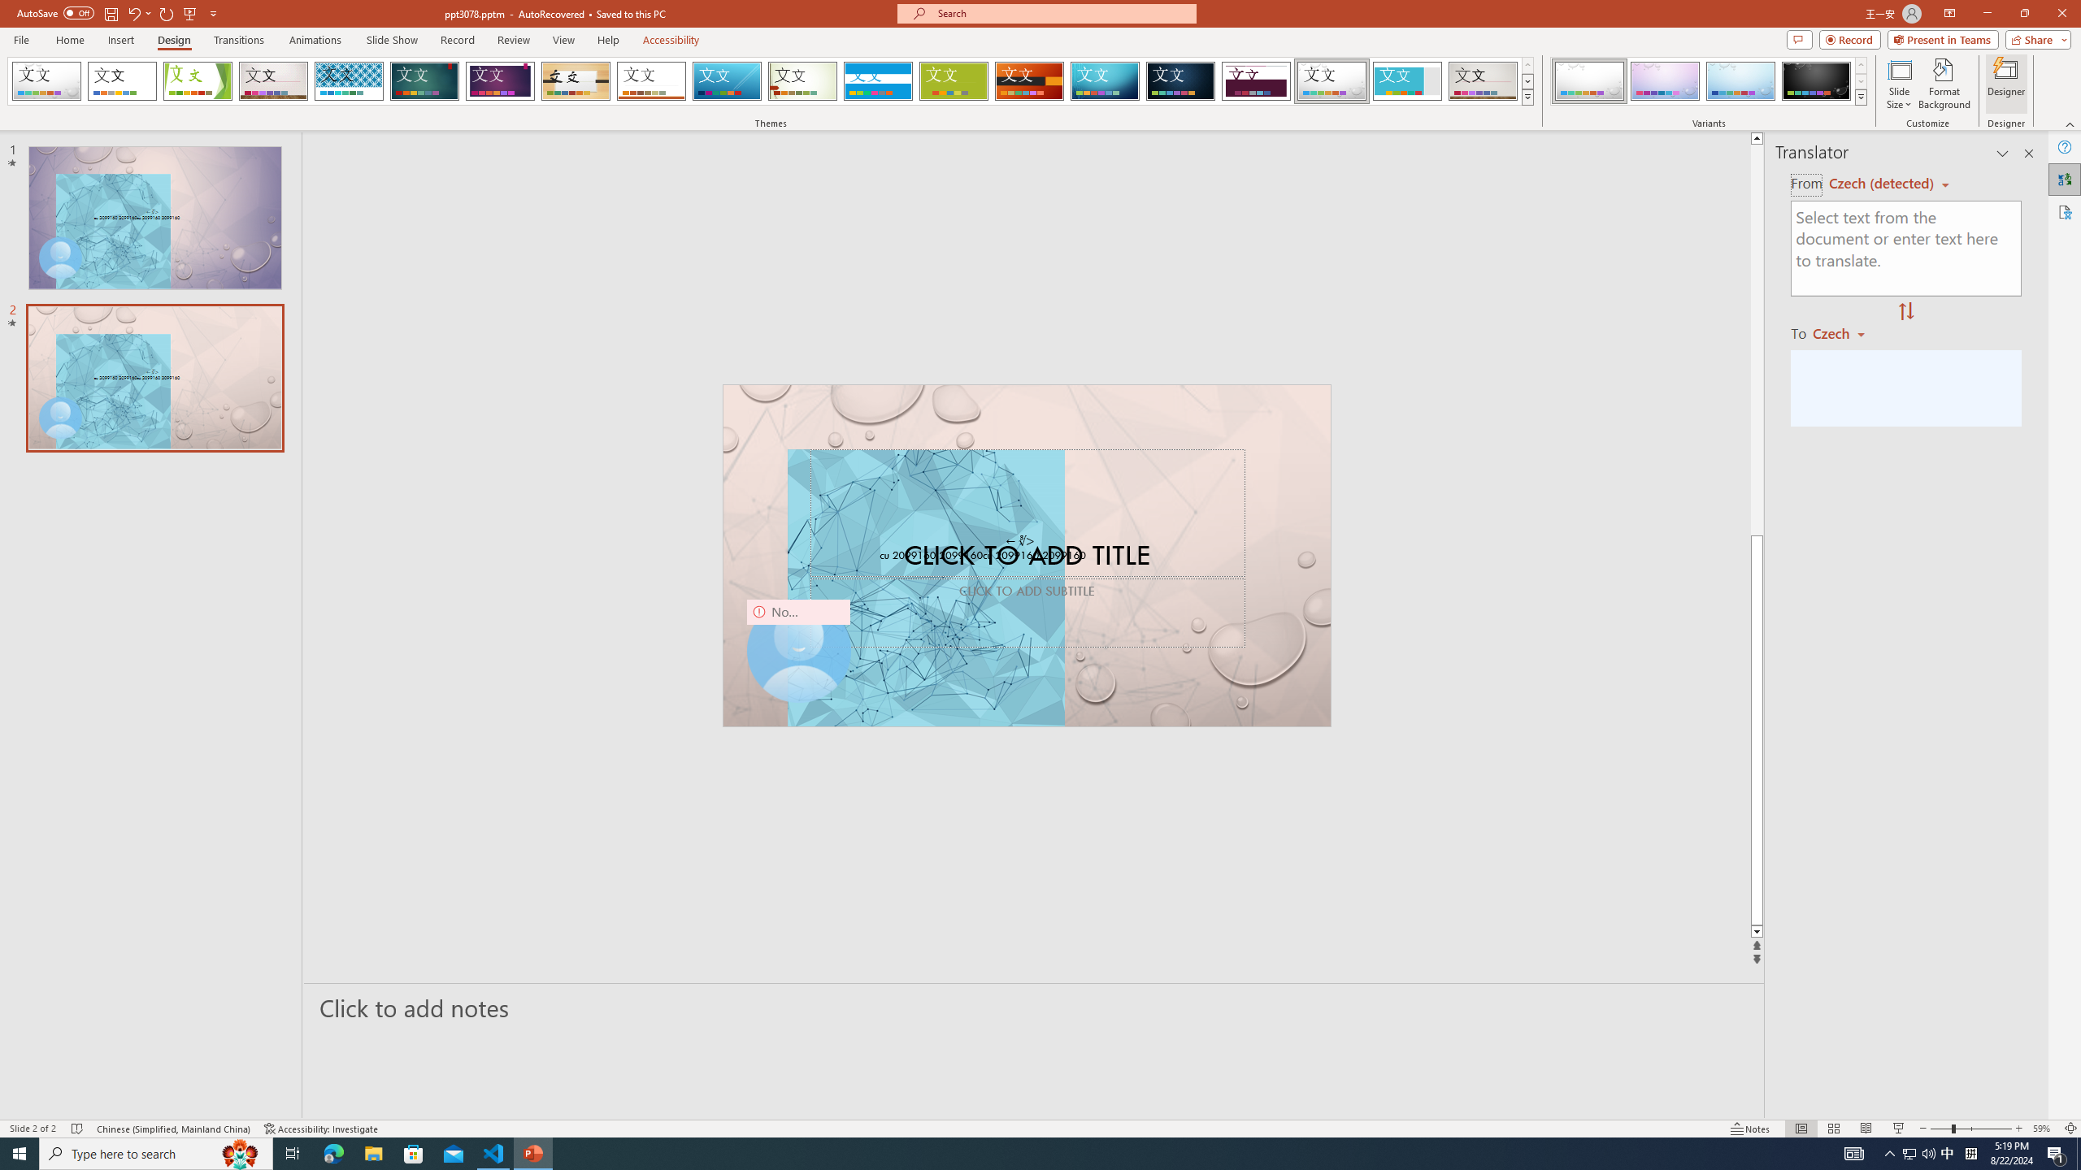  I want to click on 'Droplet Variant 3', so click(1740, 80).